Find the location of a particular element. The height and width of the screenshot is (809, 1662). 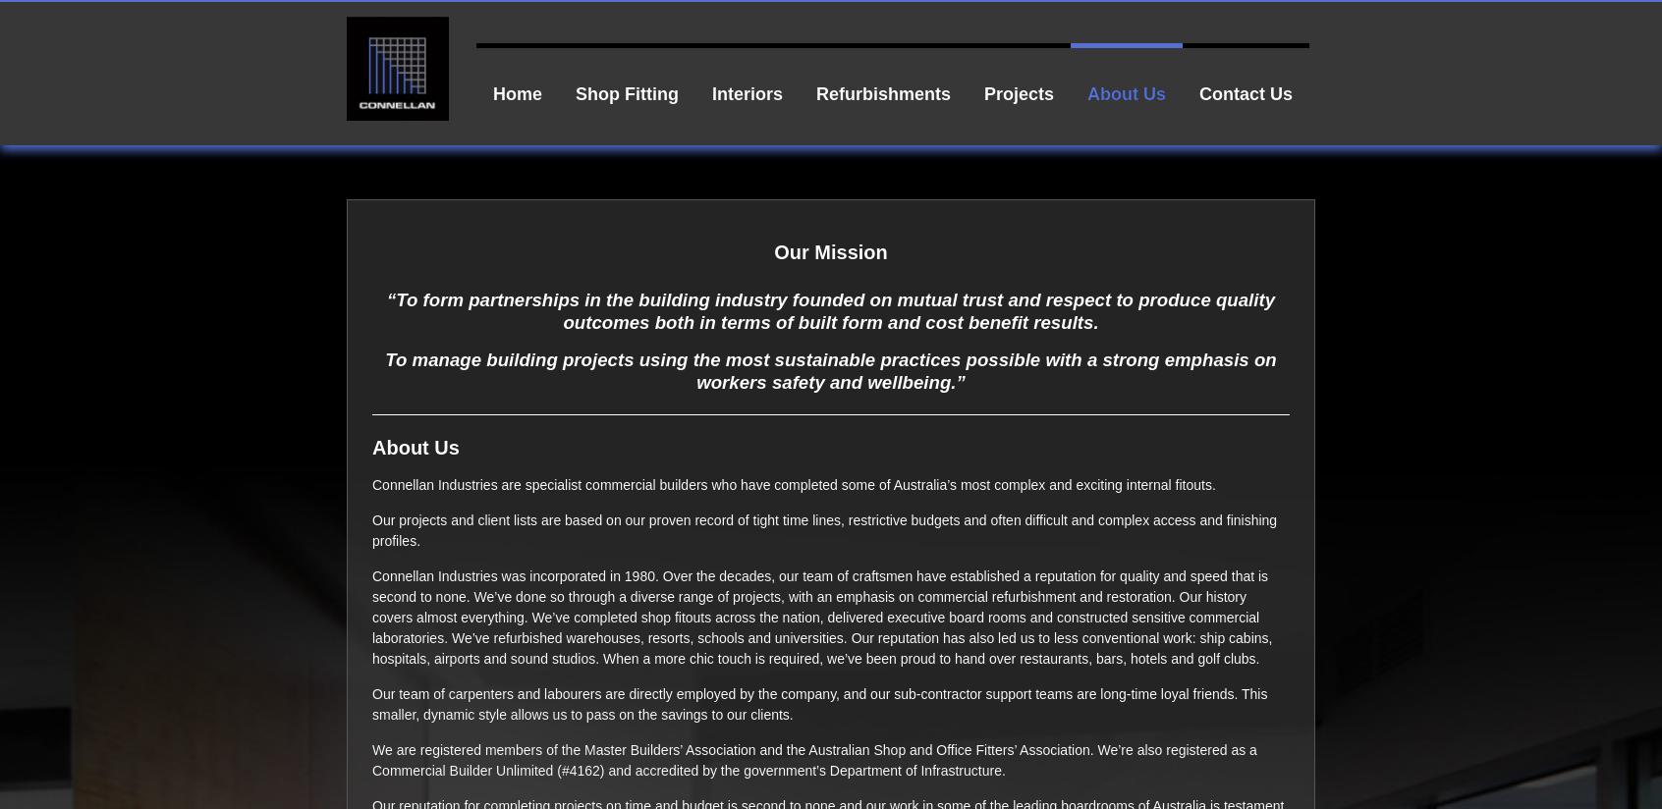

'Refurbishments' is located at coordinates (881, 92).